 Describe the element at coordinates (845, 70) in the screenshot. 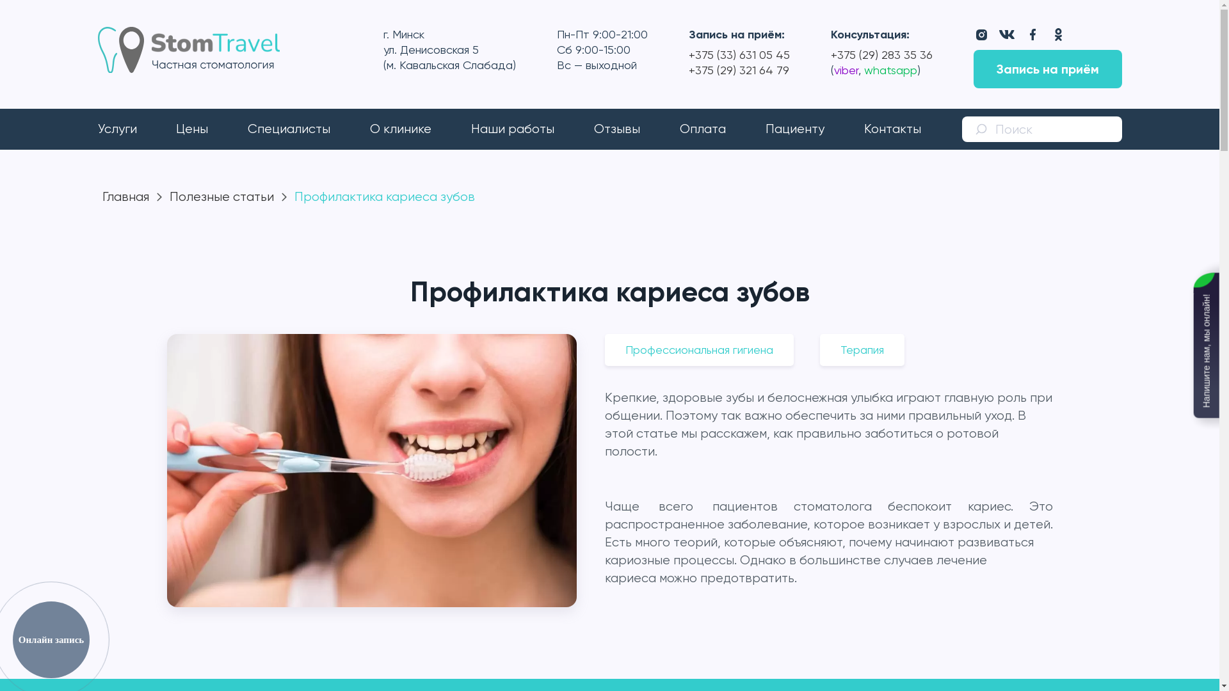

I see `'viber'` at that location.